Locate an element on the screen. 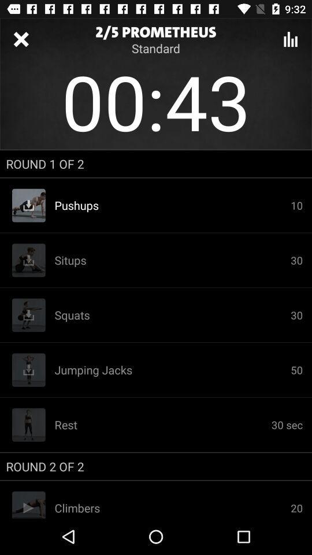 This screenshot has width=312, height=555. the sliders icon is located at coordinates (290, 39).